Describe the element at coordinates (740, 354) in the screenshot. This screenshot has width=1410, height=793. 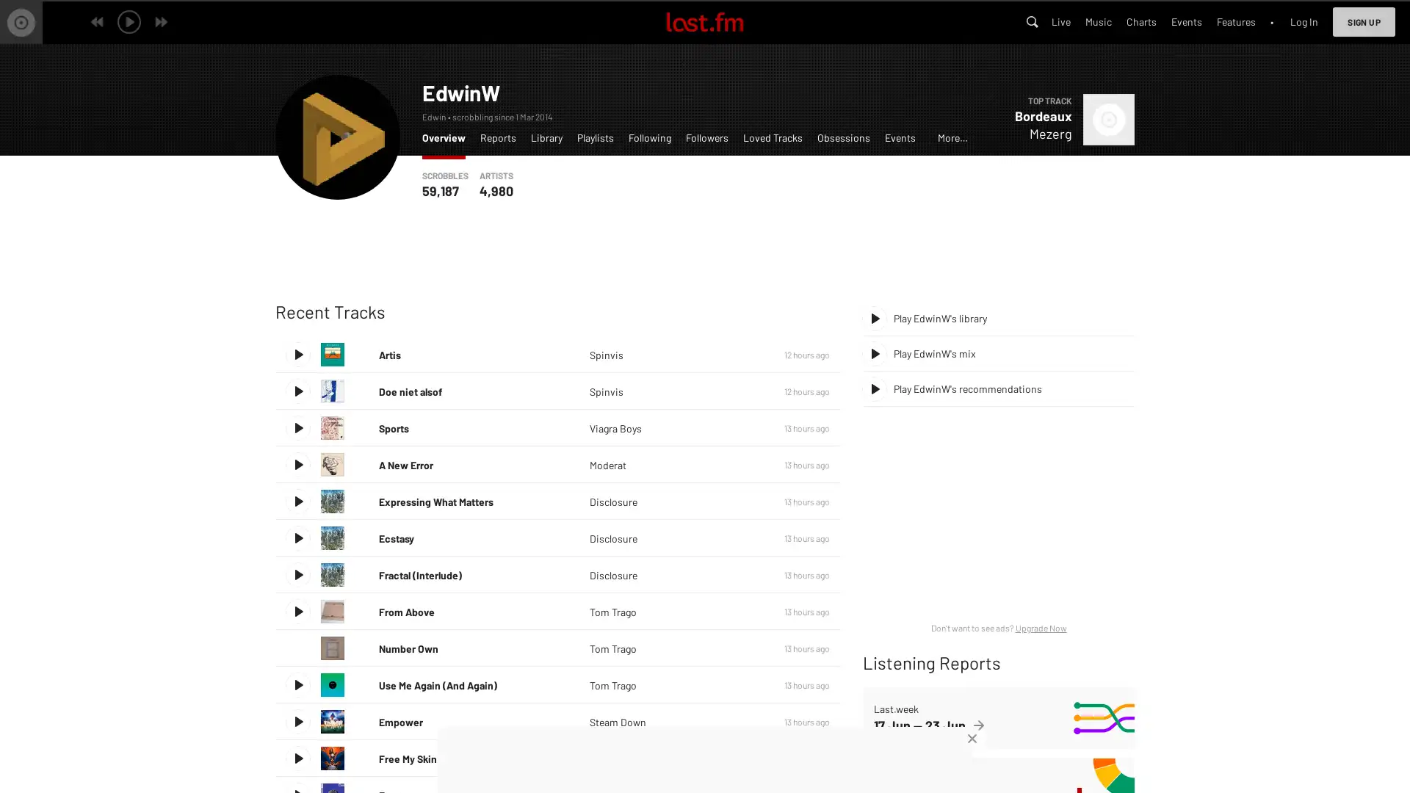
I see `Buy` at that location.